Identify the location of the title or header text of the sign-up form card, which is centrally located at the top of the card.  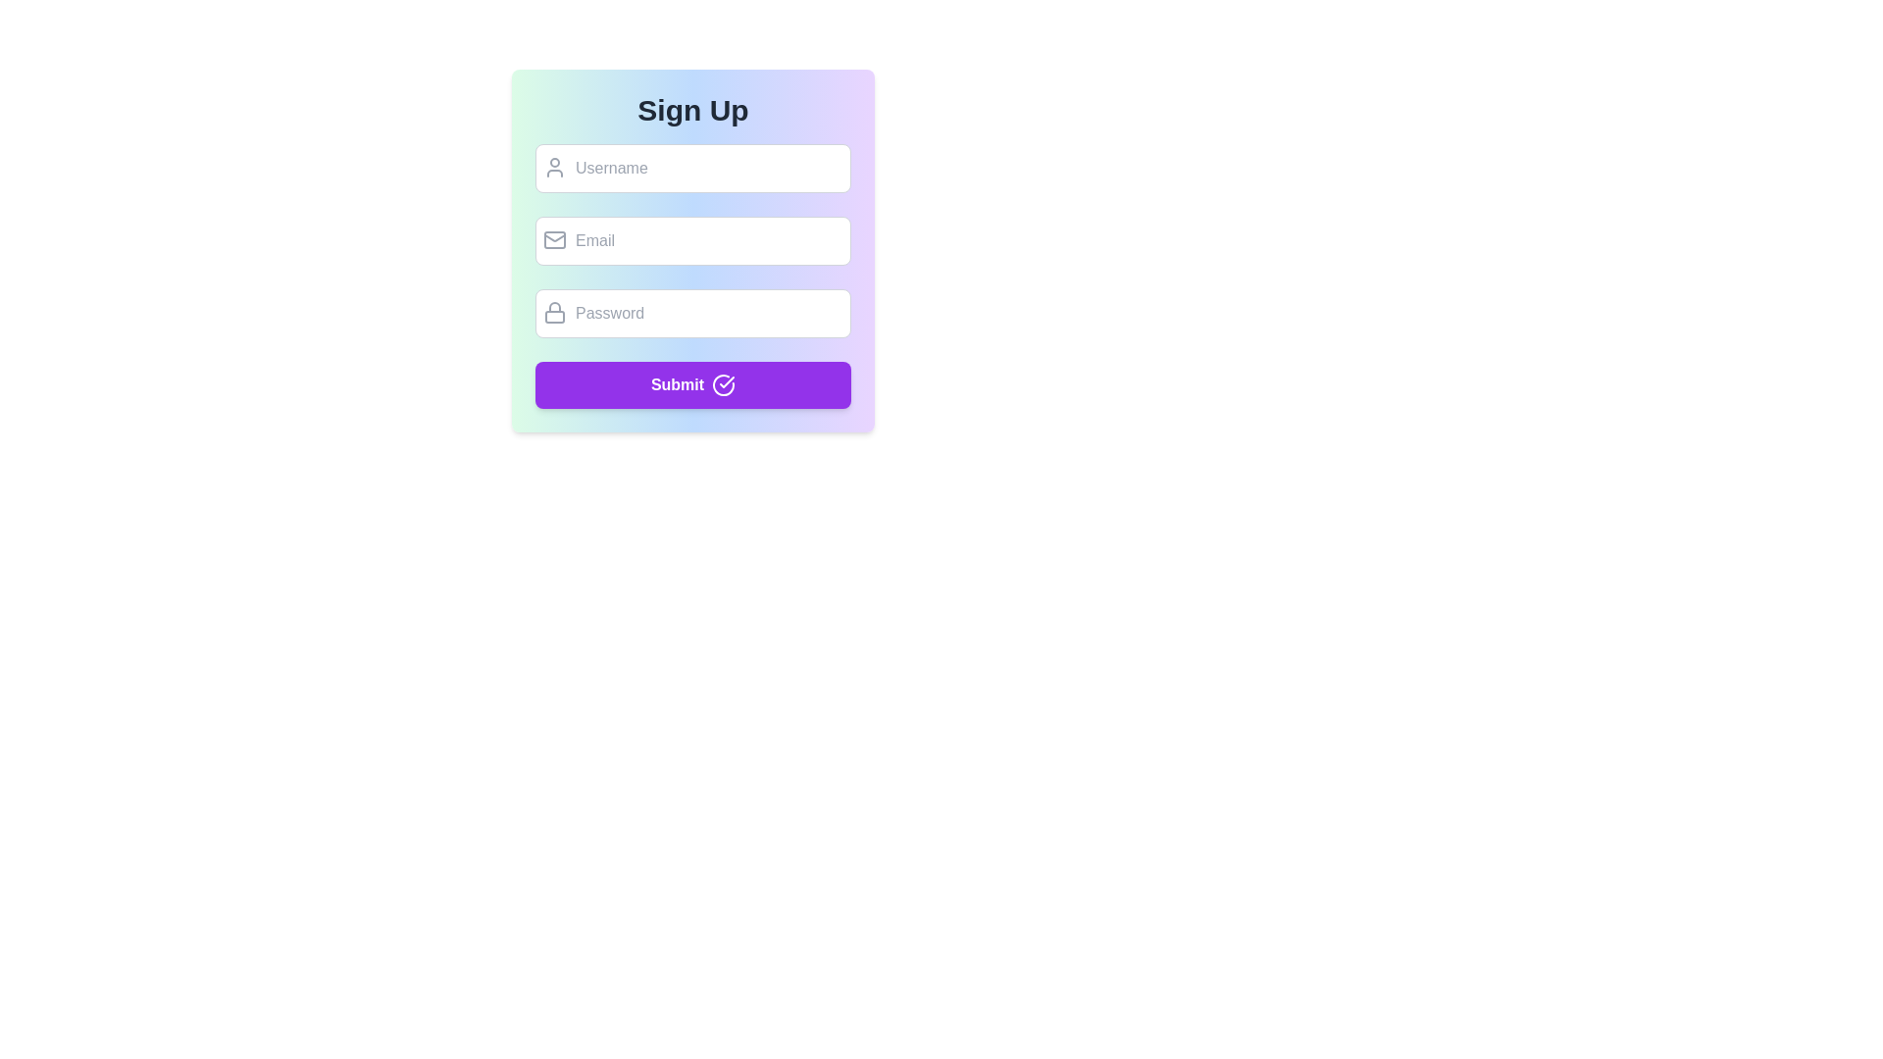
(692, 110).